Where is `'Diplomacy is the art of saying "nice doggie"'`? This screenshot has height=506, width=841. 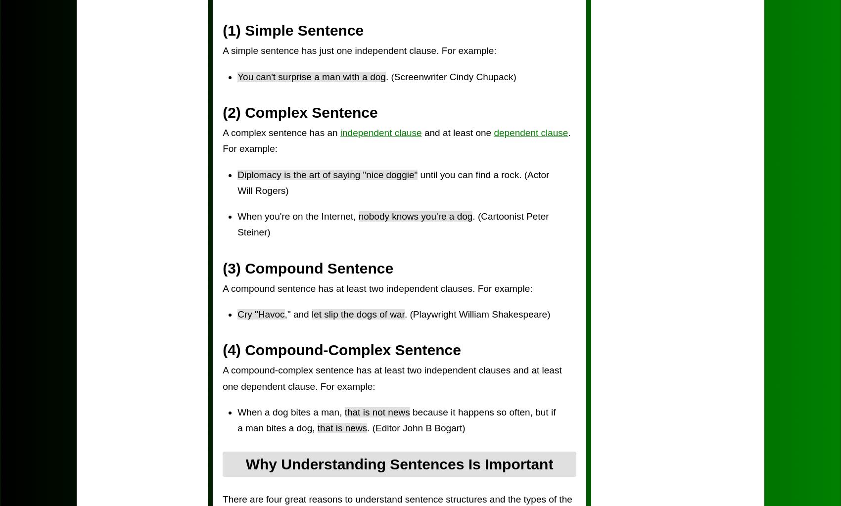
'Diplomacy is the art of saying "nice doggie"' is located at coordinates (237, 174).